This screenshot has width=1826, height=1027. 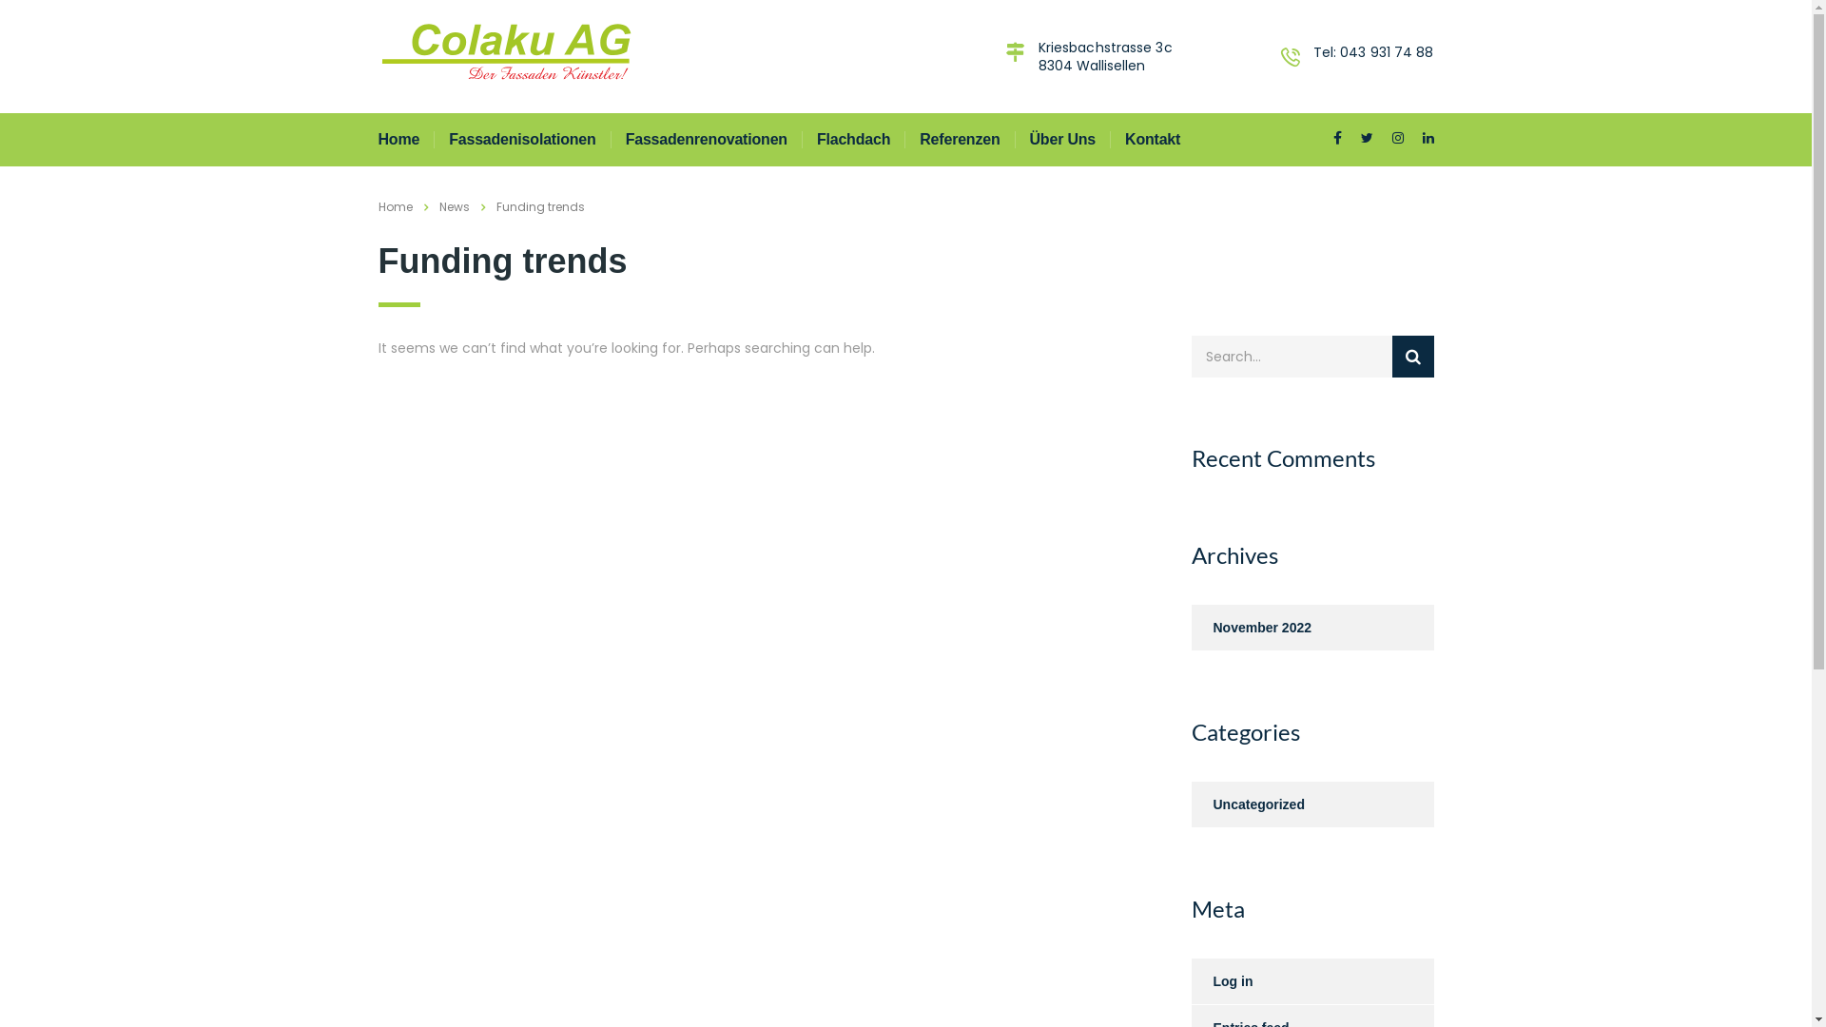 I want to click on 'Referenzen', so click(x=959, y=138).